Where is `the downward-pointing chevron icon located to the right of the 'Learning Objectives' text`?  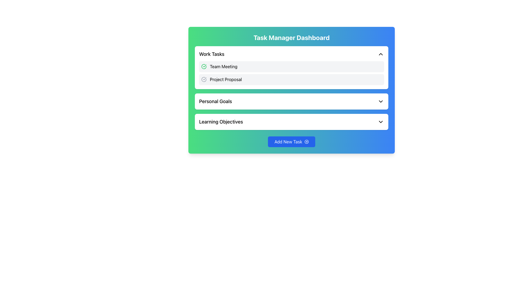 the downward-pointing chevron icon located to the right of the 'Learning Objectives' text is located at coordinates (380, 122).